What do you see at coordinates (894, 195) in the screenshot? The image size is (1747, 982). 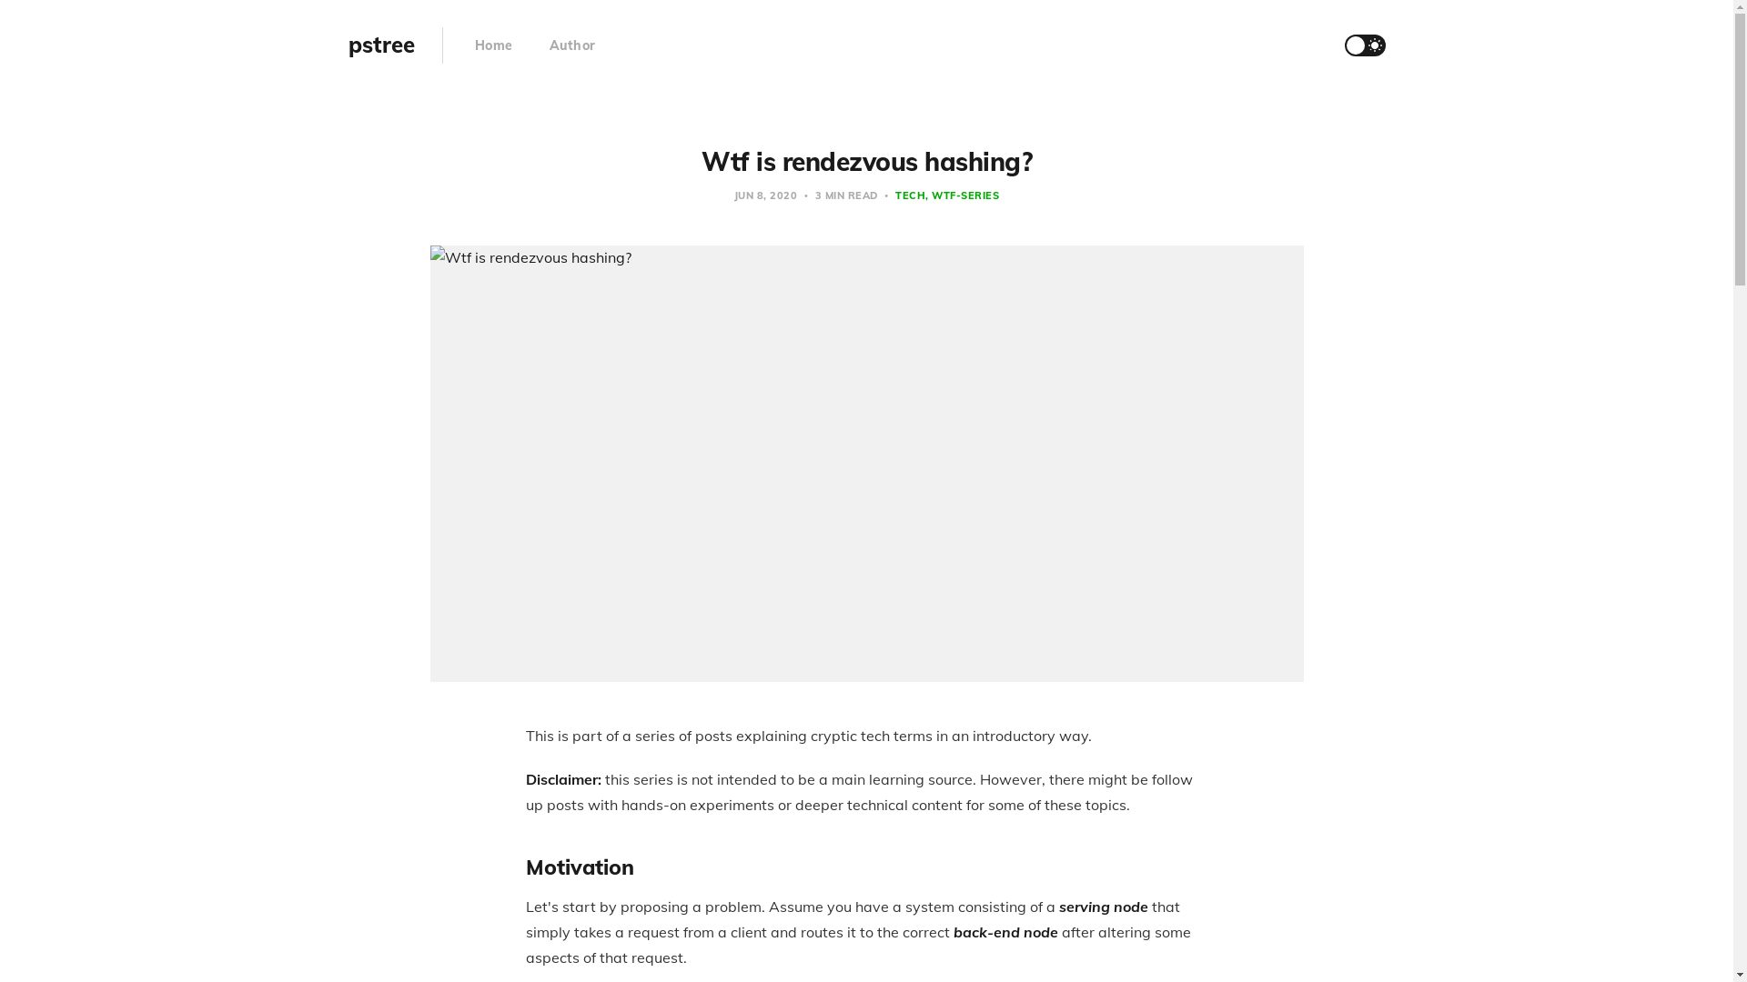 I see `'TECH'` at bounding box center [894, 195].